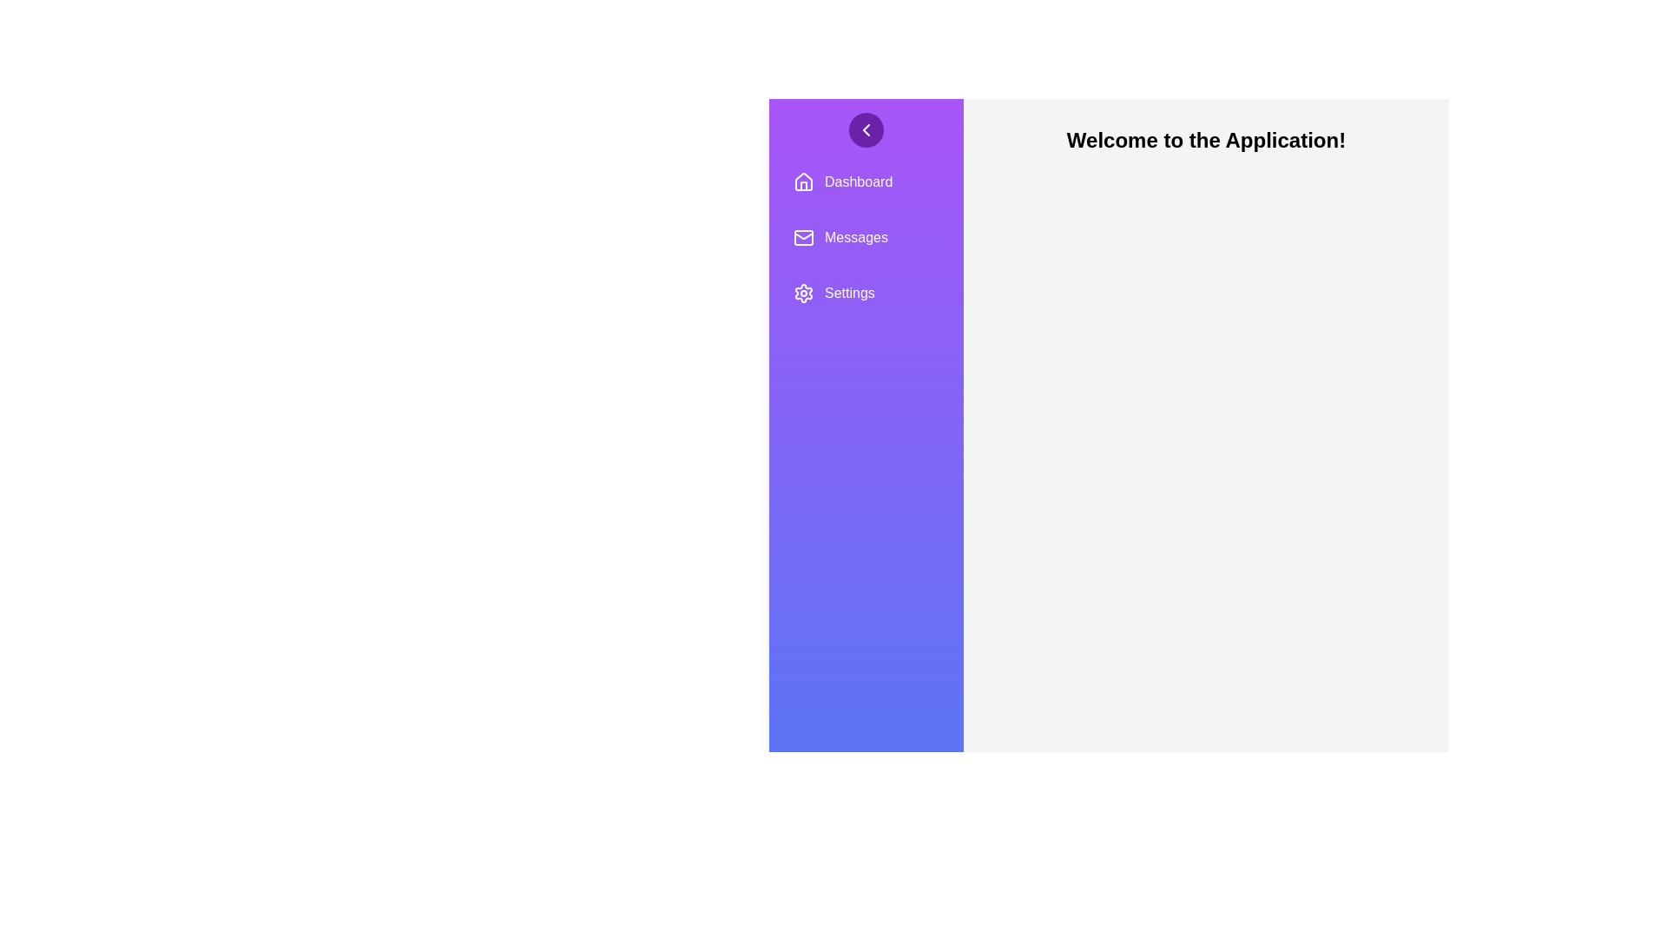 This screenshot has width=1667, height=938. I want to click on the door area of the house icon located in the sidebar menu of the application dashboard, so click(803, 186).